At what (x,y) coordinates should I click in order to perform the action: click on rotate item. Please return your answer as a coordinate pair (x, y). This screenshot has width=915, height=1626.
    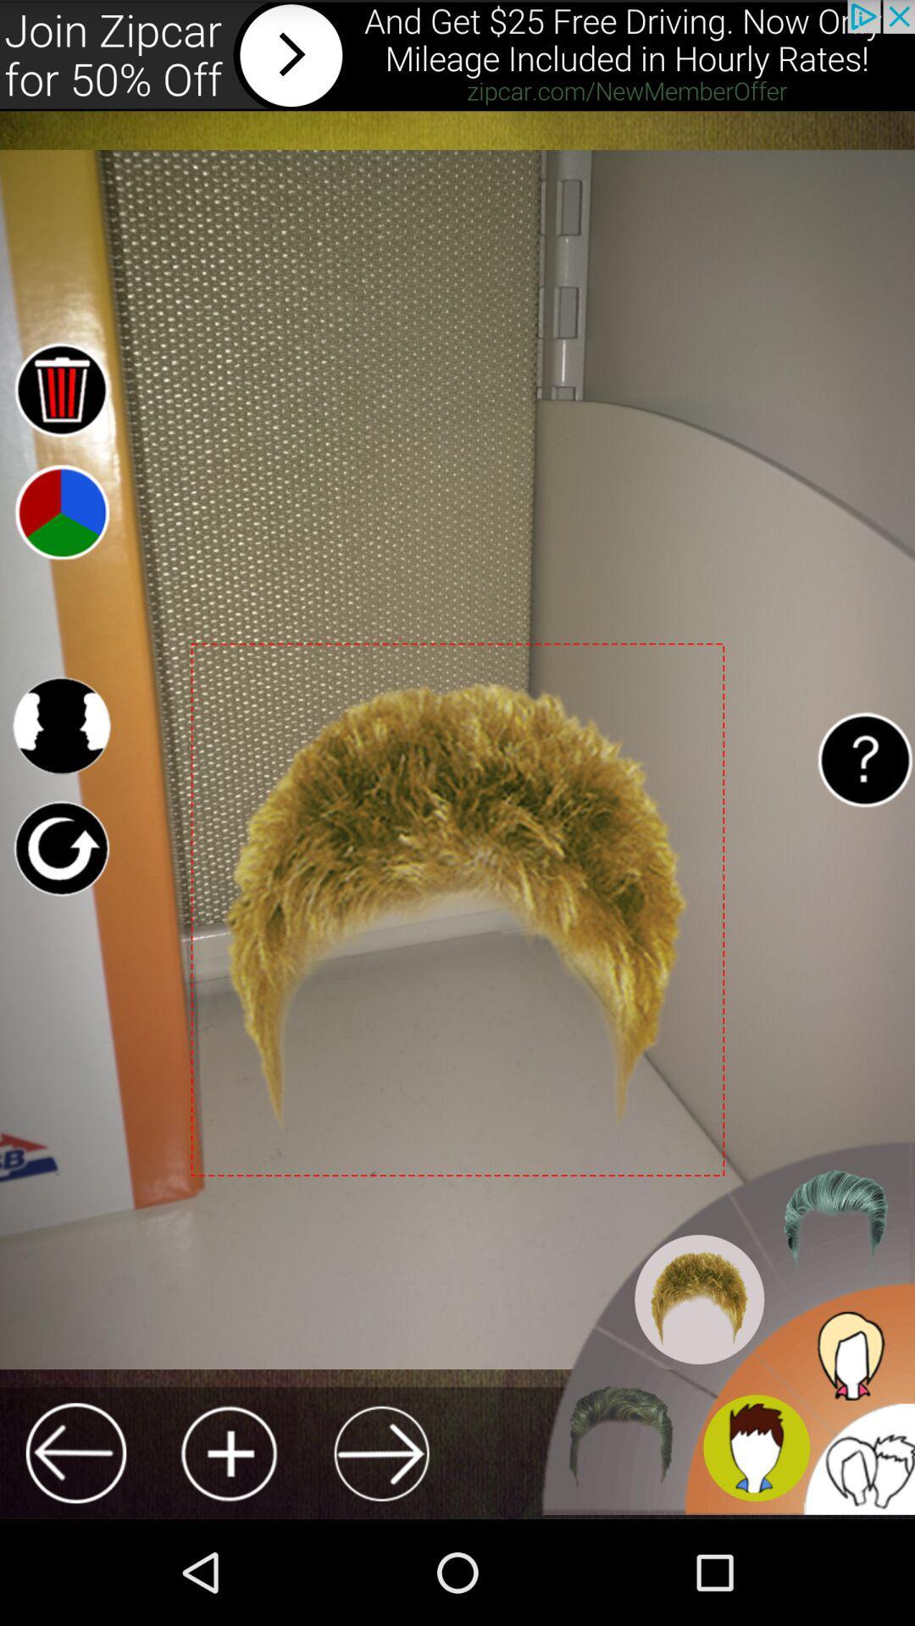
    Looking at the image, I should click on (60, 849).